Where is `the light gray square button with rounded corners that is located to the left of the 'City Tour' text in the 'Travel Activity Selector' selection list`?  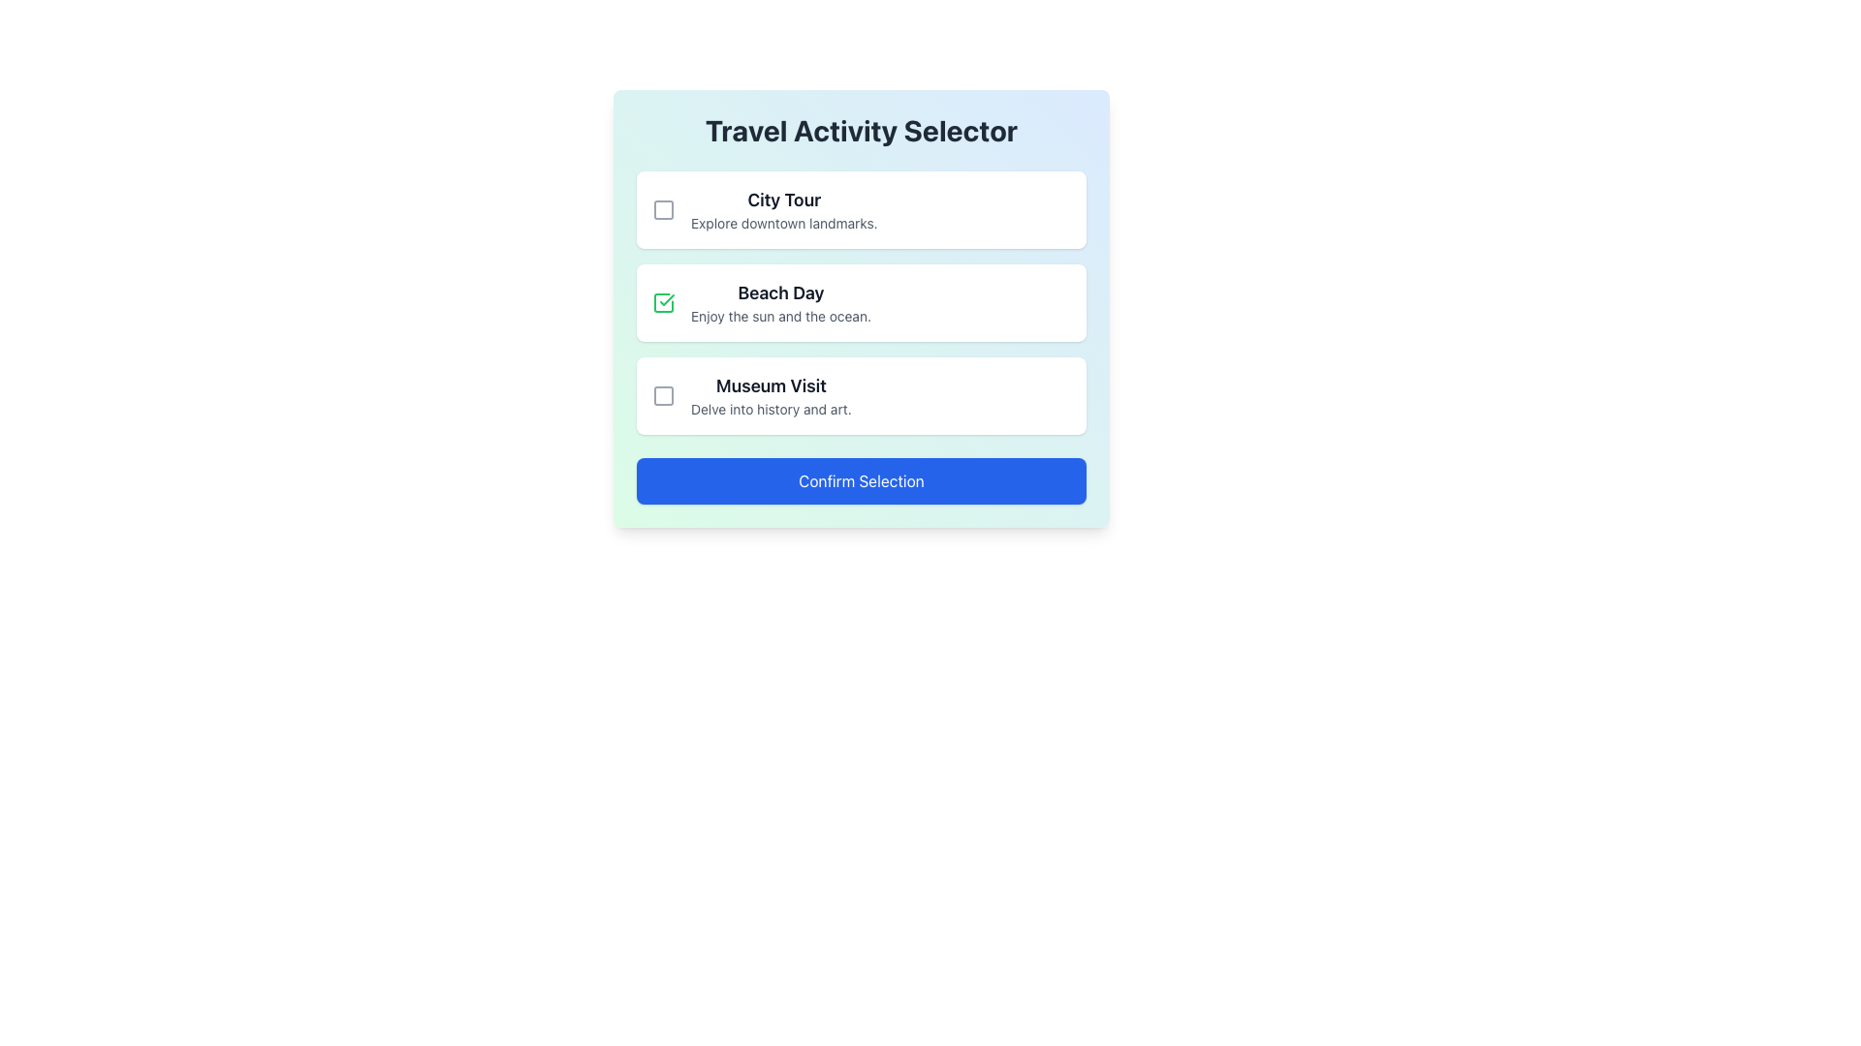
the light gray square button with rounded corners that is located to the left of the 'City Tour' text in the 'Travel Activity Selector' selection list is located at coordinates (664, 209).